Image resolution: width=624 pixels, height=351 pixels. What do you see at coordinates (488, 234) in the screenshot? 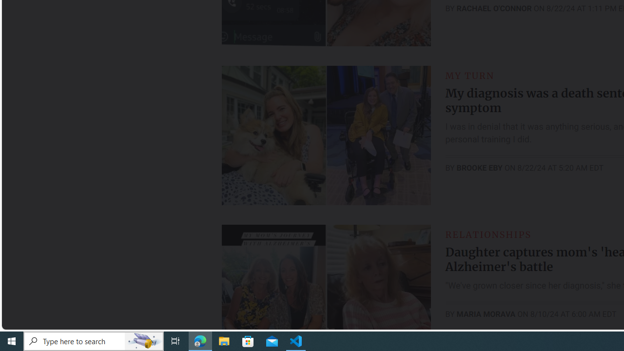
I see `'RELATIONSHIPS'` at bounding box center [488, 234].